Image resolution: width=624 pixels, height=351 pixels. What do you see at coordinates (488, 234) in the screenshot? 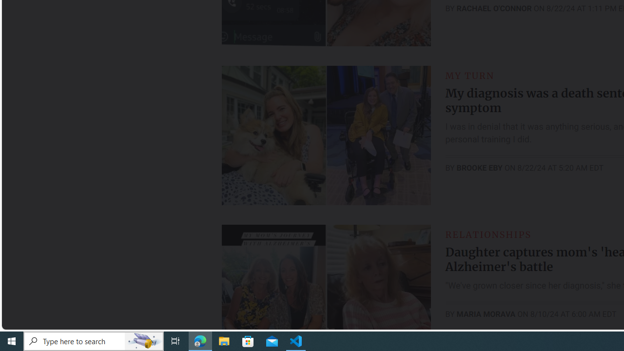
I see `'RELATIONSHIPS'` at bounding box center [488, 234].